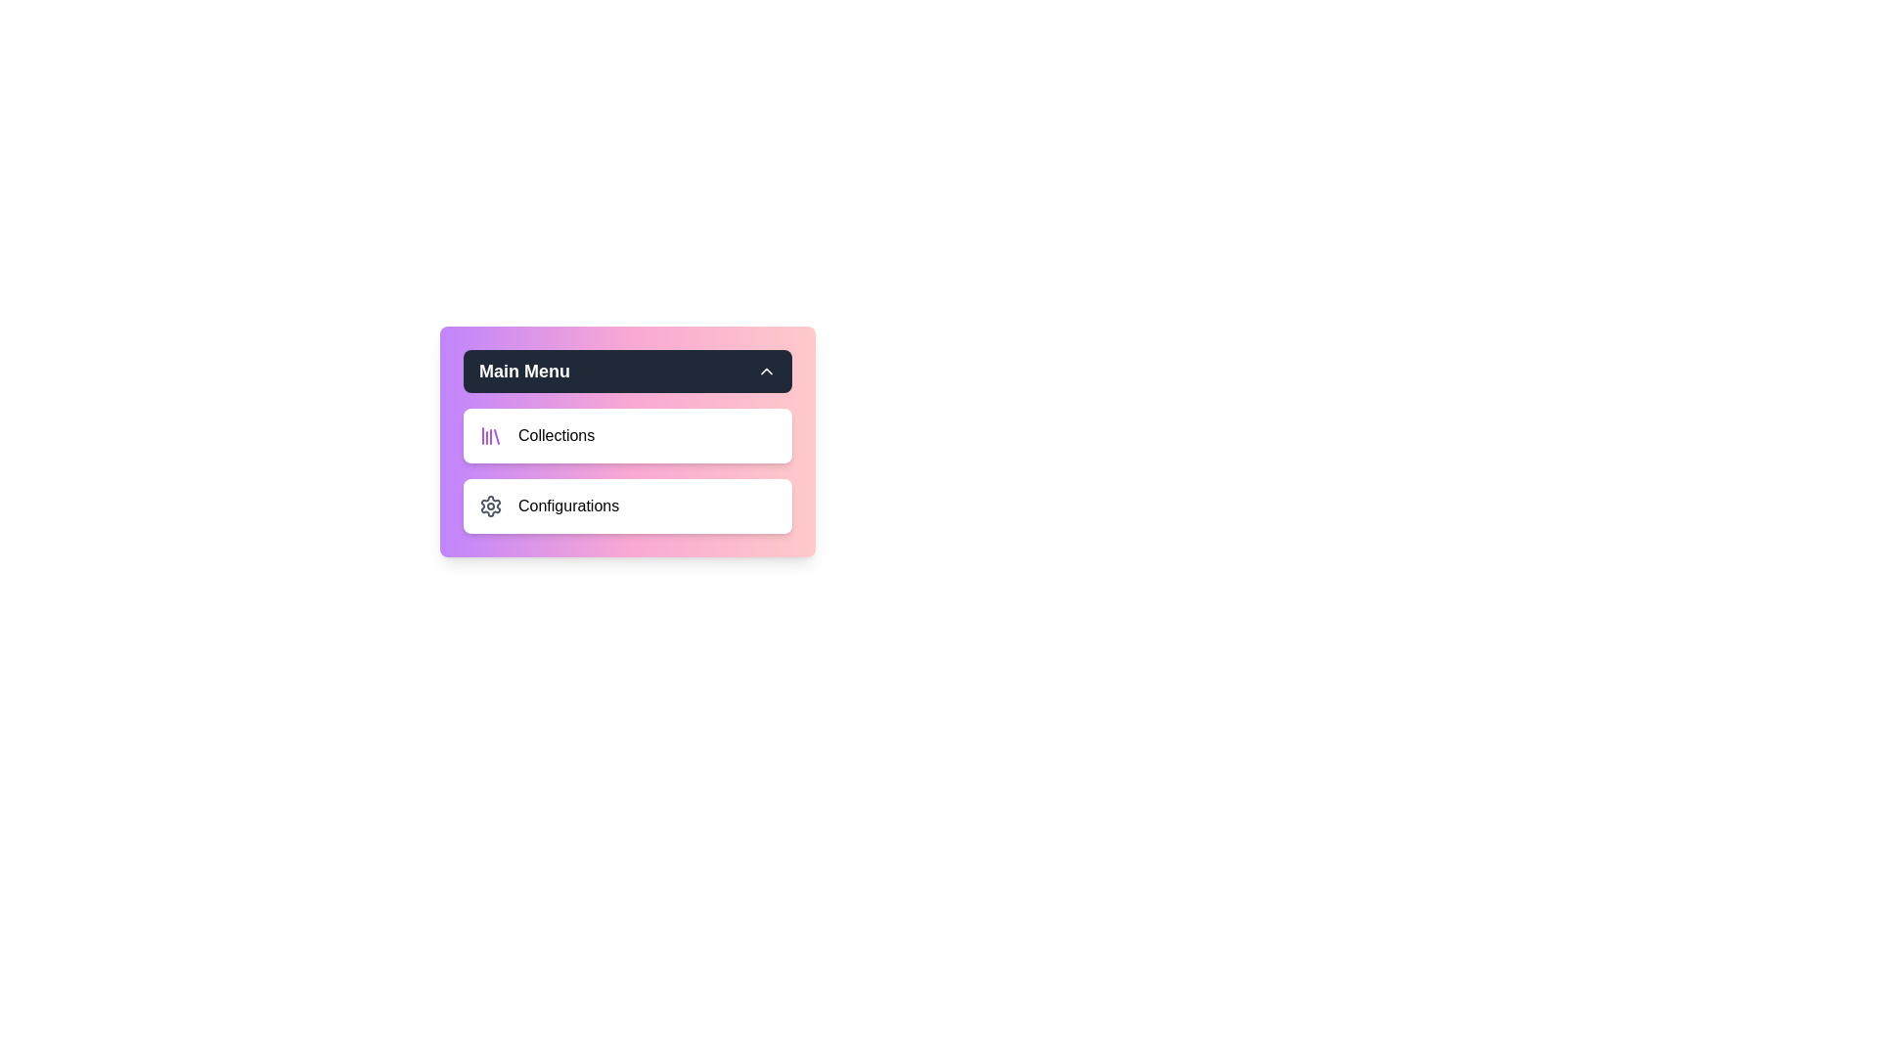  I want to click on the 'Configurations' text label to associate it with the adjacent gear icon, so click(567, 505).